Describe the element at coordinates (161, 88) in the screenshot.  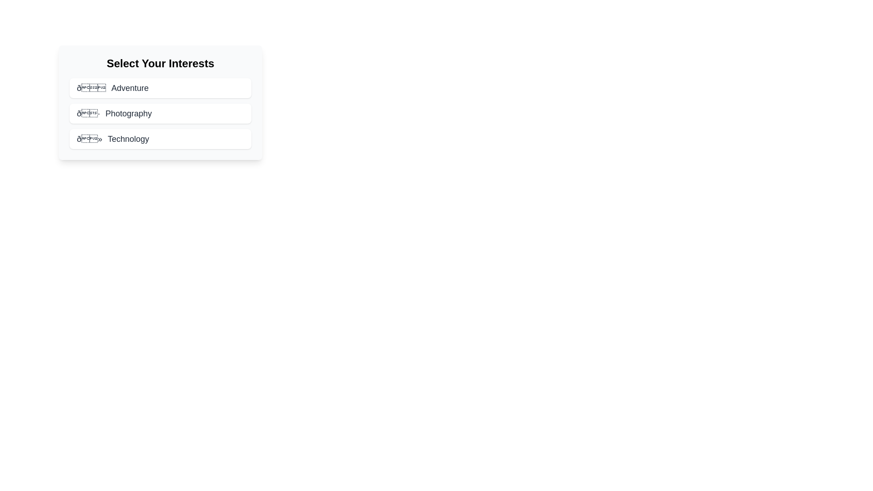
I see `the tag Adventure` at that location.